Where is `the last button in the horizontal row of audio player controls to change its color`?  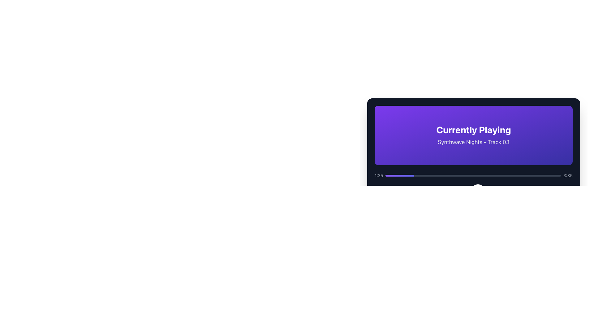
the last button in the horizontal row of audio player controls to change its color is located at coordinates (496, 191).